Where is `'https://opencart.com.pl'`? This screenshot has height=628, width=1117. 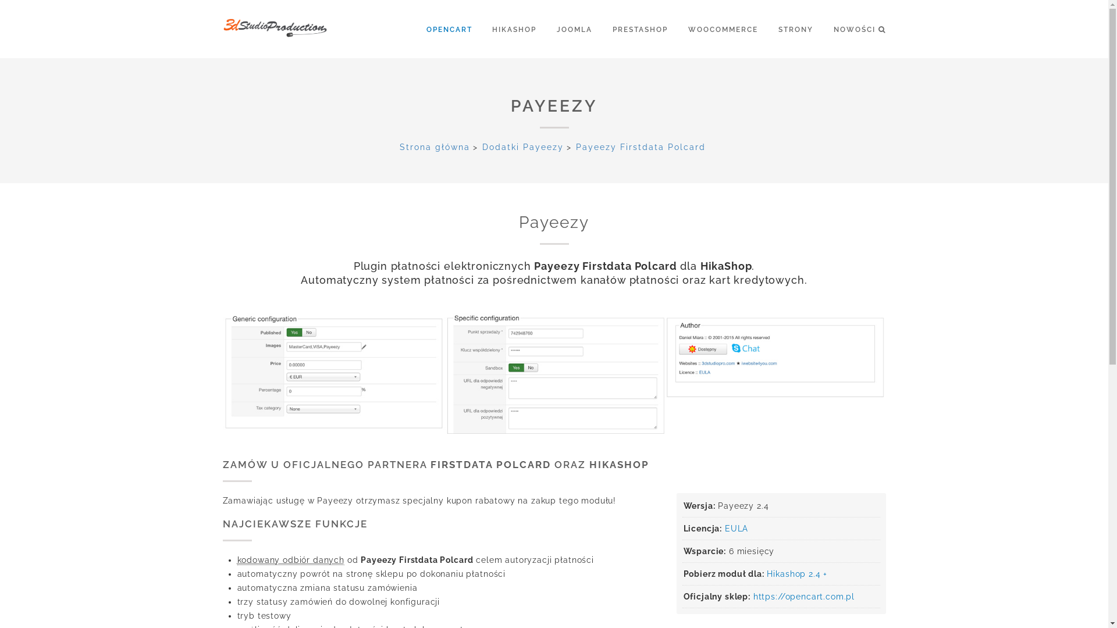 'https://opencart.com.pl' is located at coordinates (803, 597).